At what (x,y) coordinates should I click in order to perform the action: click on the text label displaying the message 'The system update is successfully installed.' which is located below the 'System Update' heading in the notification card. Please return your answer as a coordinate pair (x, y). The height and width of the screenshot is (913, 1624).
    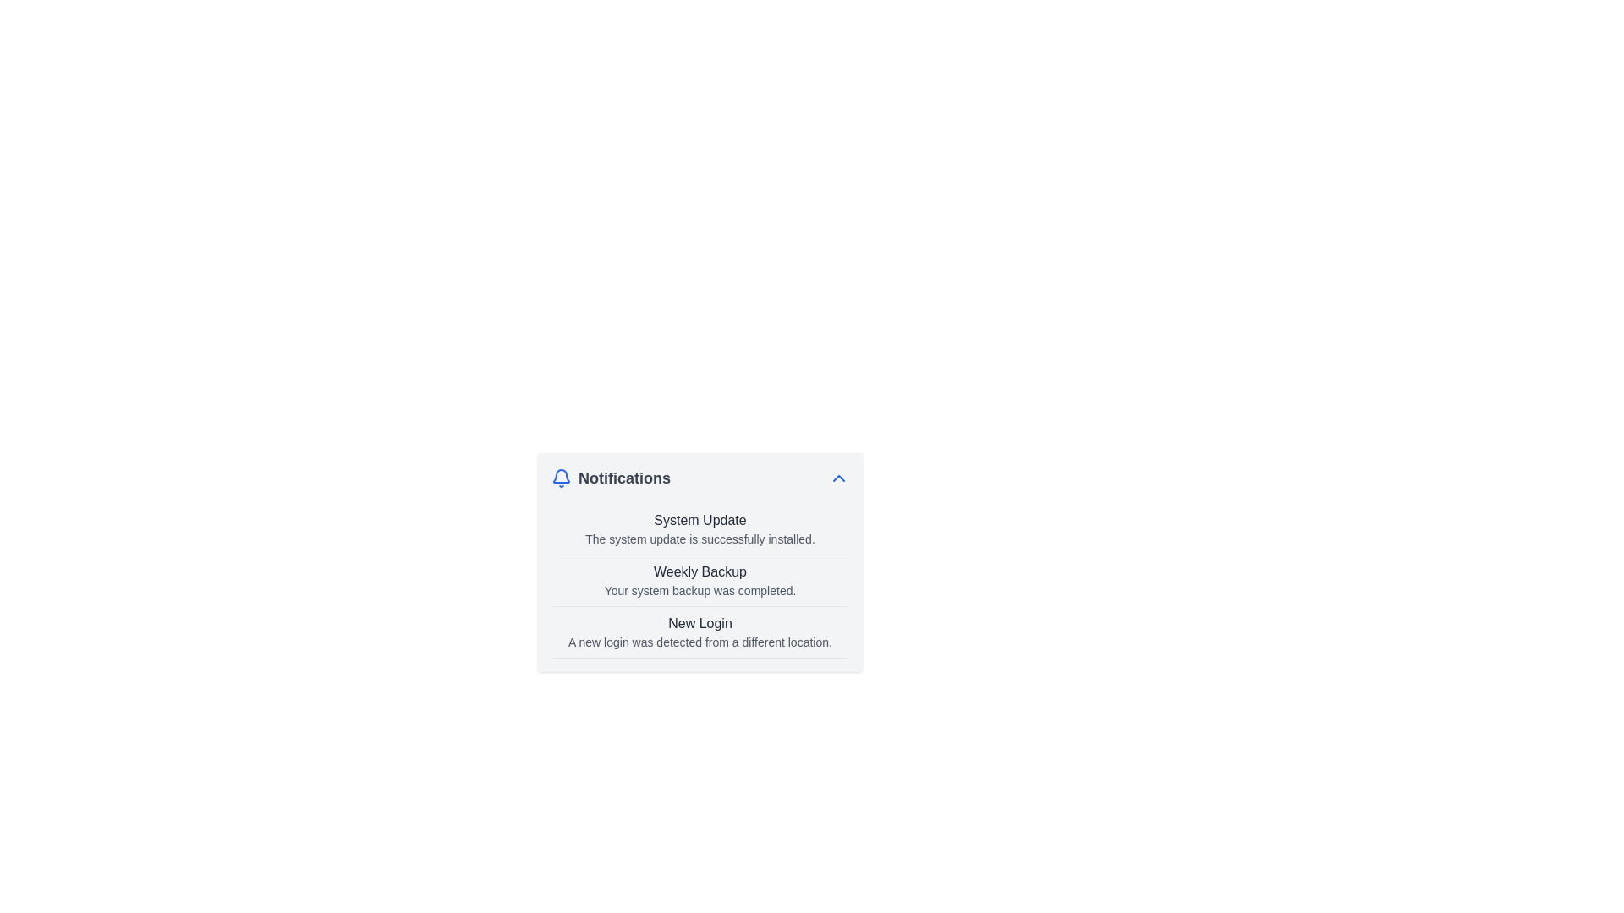
    Looking at the image, I should click on (700, 539).